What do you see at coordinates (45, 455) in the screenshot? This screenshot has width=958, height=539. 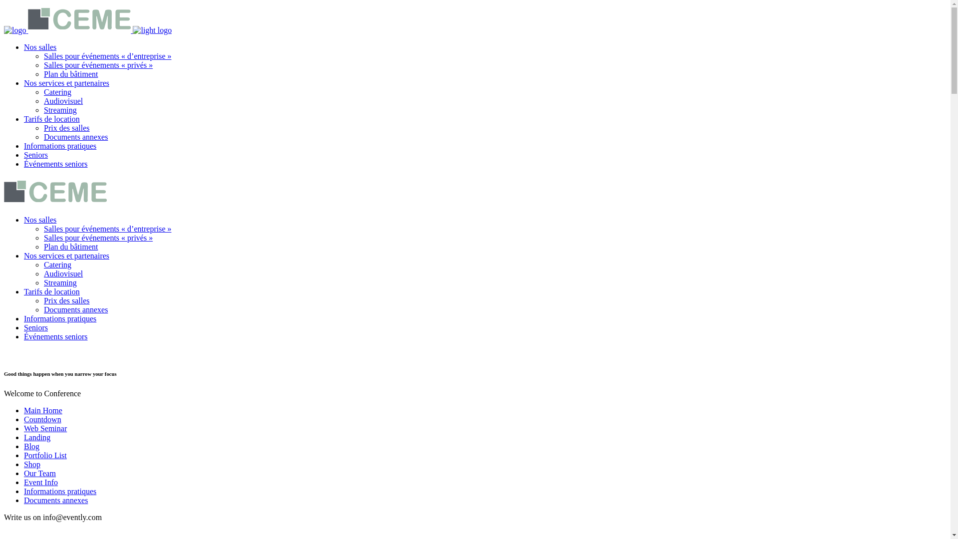 I see `'Portfolio List'` at bounding box center [45, 455].